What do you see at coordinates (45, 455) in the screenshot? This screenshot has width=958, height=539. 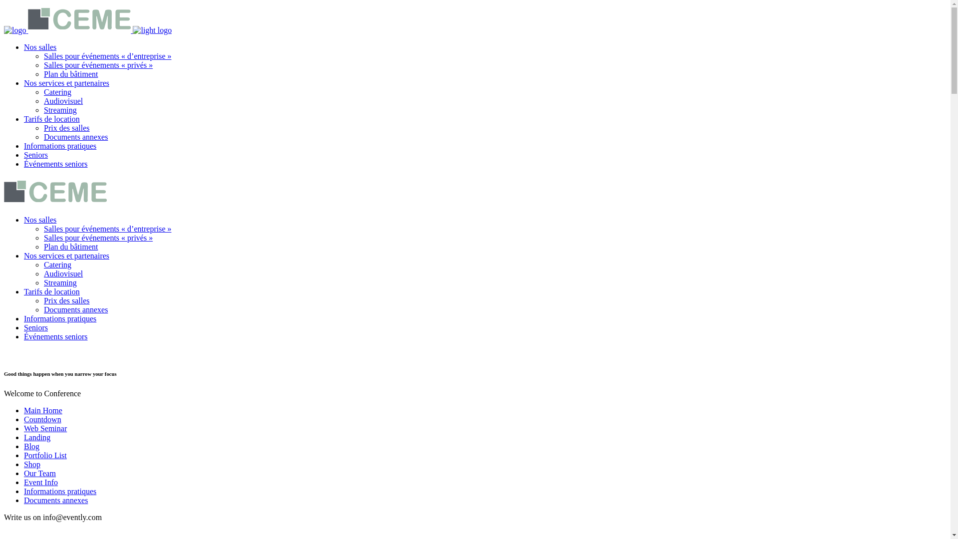 I see `'Portfolio List'` at bounding box center [45, 455].